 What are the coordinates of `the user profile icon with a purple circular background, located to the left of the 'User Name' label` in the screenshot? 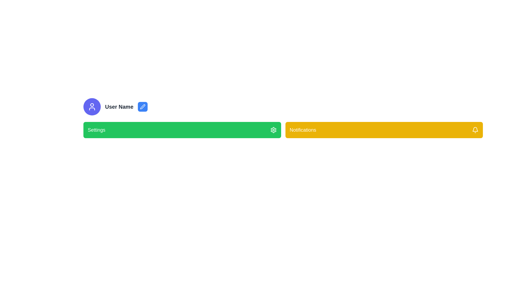 It's located at (92, 107).